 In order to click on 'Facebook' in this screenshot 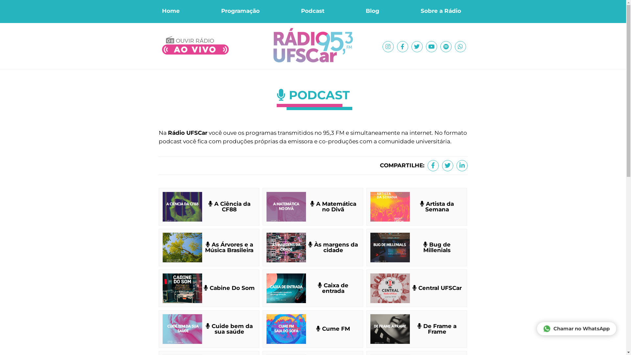, I will do `click(397, 46)`.